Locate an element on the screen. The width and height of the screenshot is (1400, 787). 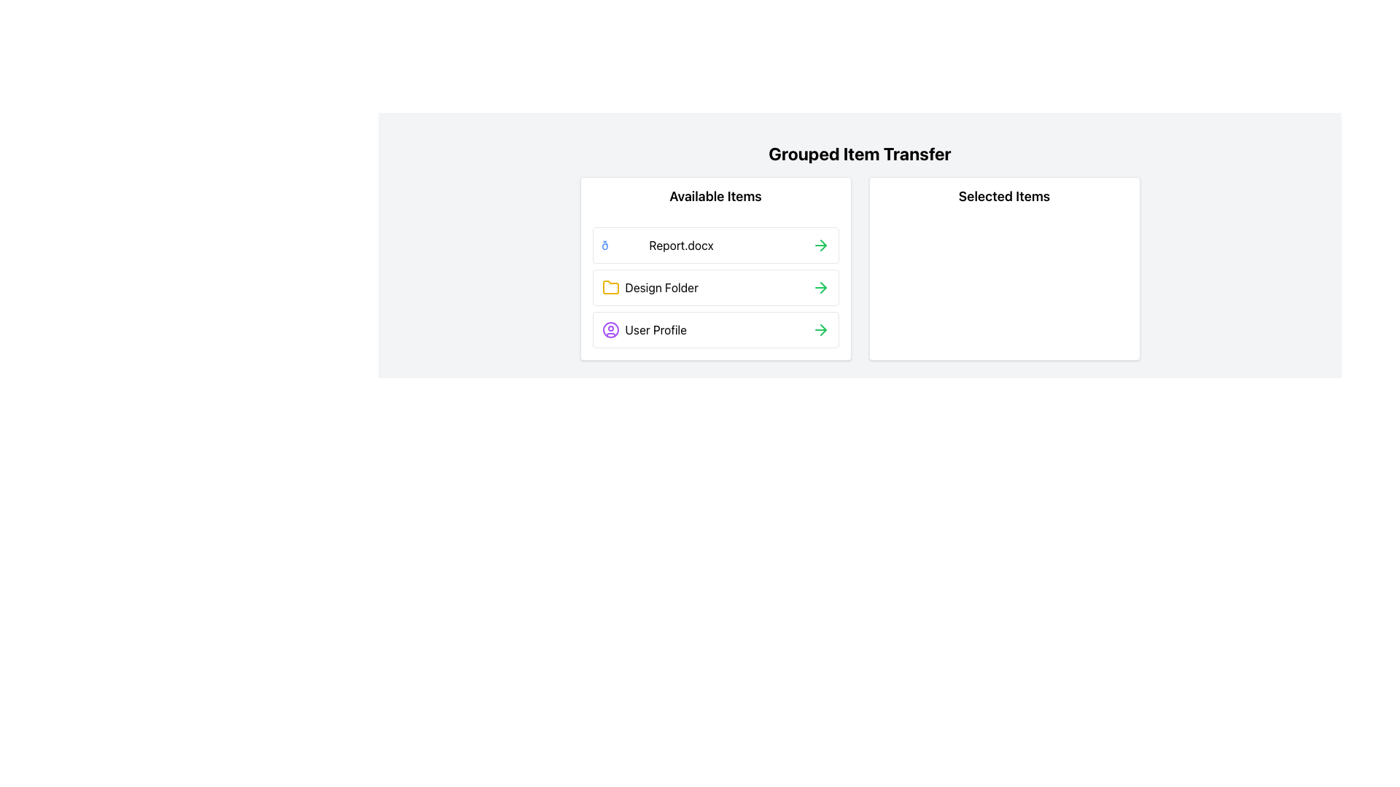
the tip of the SVG arrow icon indicating the 'Report.docx' item in the 'Available Items' list is located at coordinates (822, 287).